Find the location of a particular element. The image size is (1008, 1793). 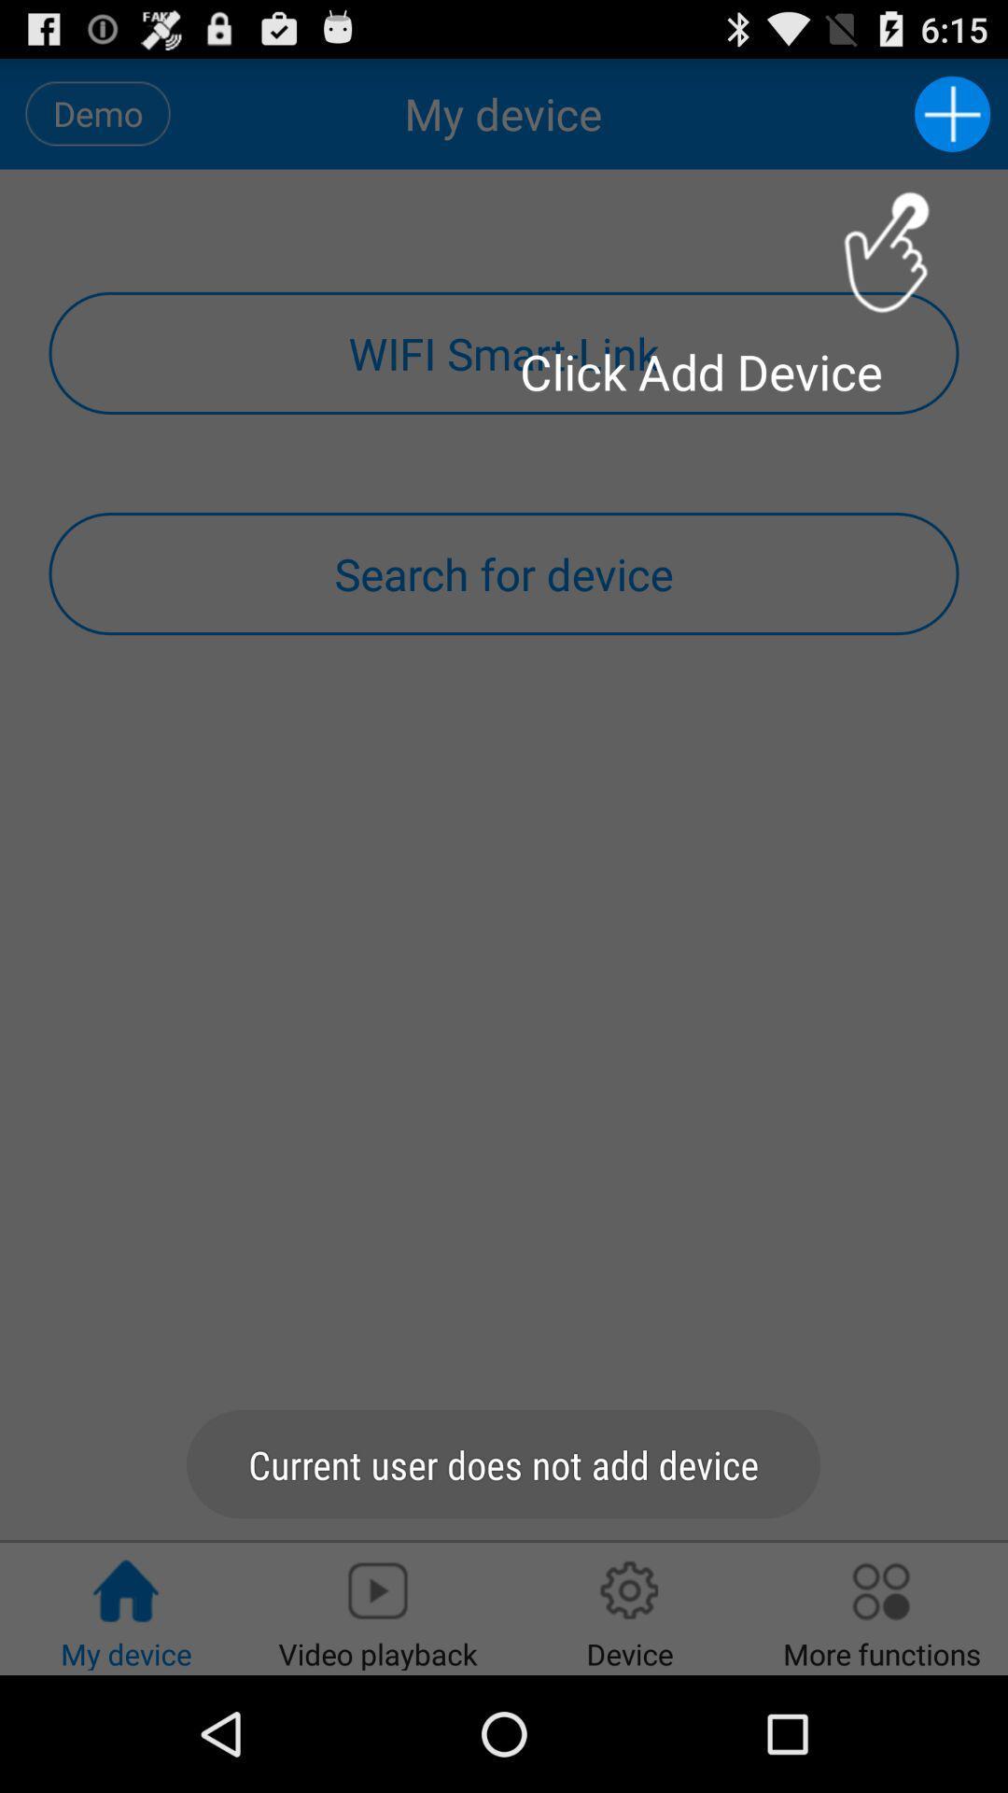

search for device is located at coordinates (504, 572).